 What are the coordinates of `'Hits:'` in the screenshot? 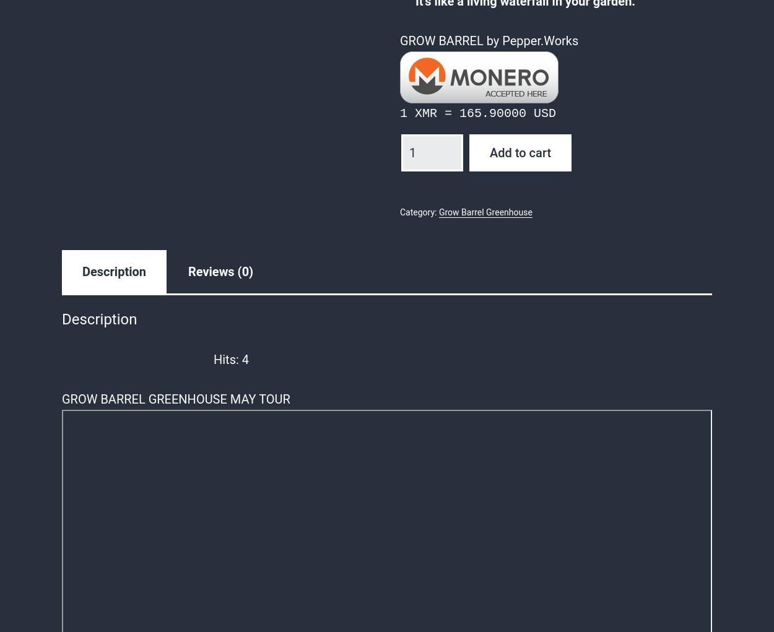 It's located at (225, 358).